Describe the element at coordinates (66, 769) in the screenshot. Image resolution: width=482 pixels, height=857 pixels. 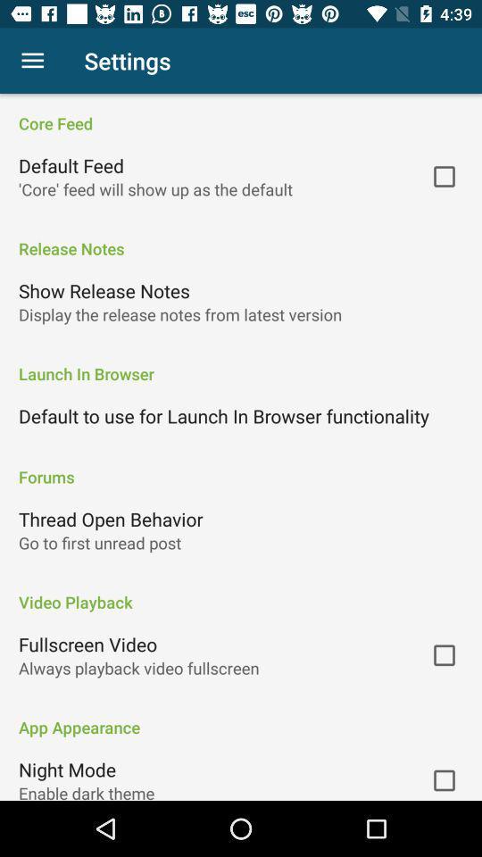
I see `the item below the app appearance` at that location.